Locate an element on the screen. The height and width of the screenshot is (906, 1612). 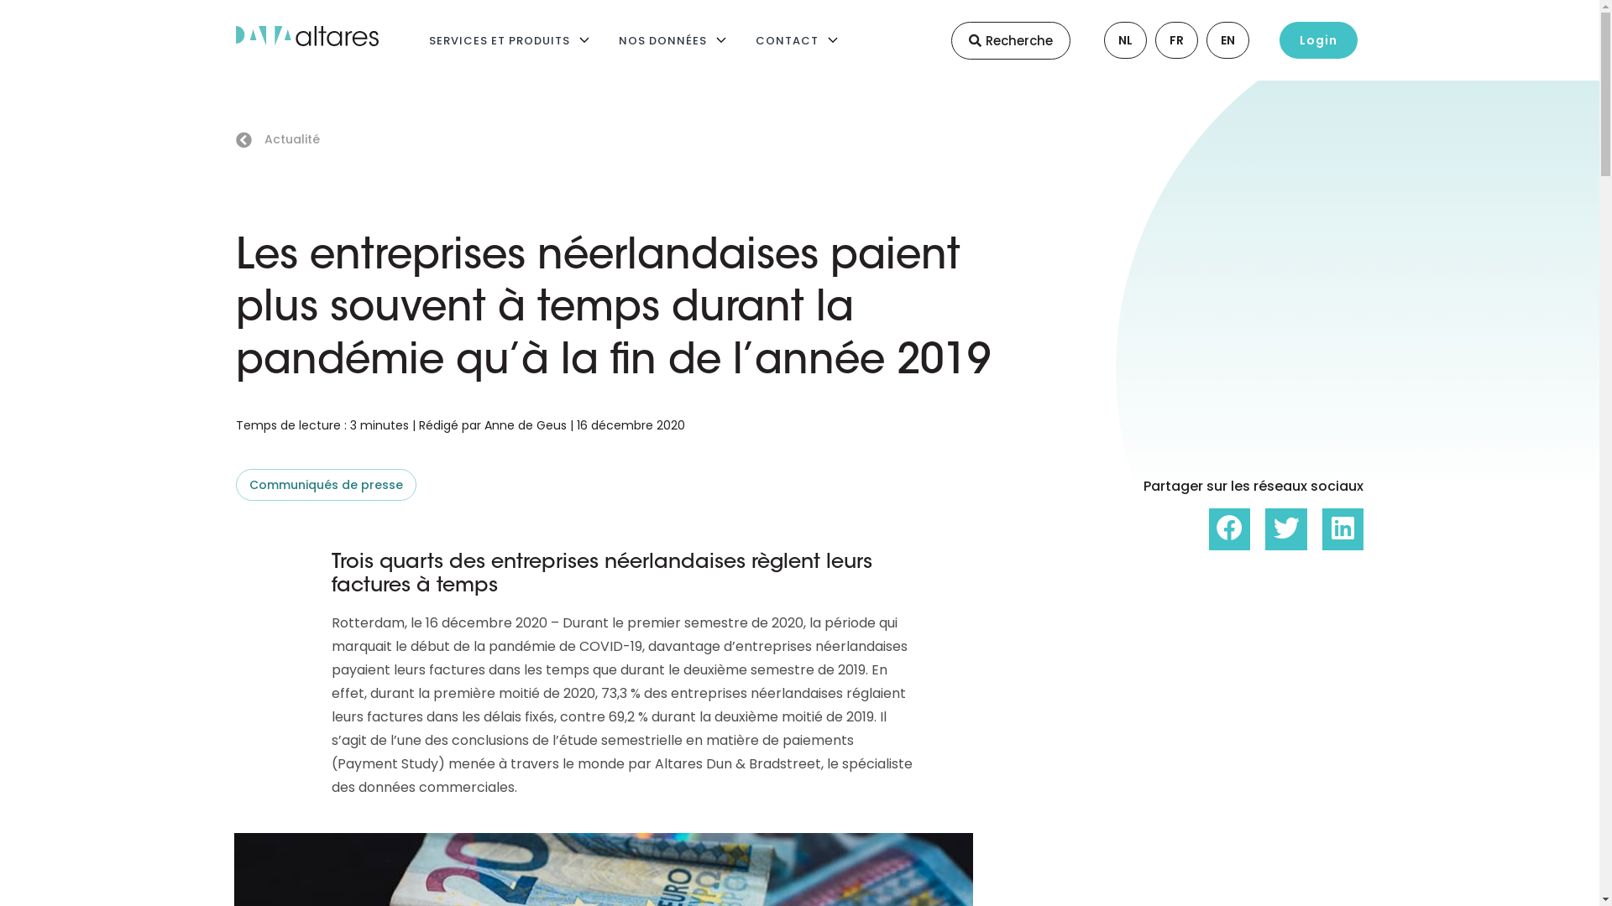
'SERVICES ET PRODUITS' is located at coordinates (498, 39).